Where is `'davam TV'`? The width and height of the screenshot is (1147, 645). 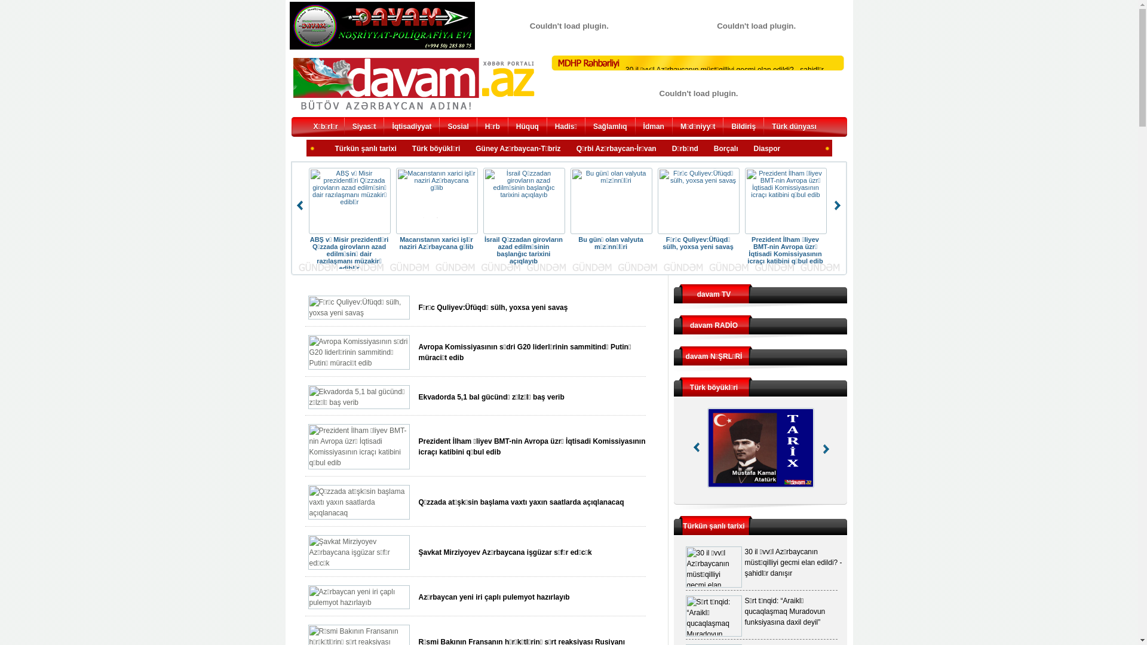 'davam TV' is located at coordinates (714, 294).